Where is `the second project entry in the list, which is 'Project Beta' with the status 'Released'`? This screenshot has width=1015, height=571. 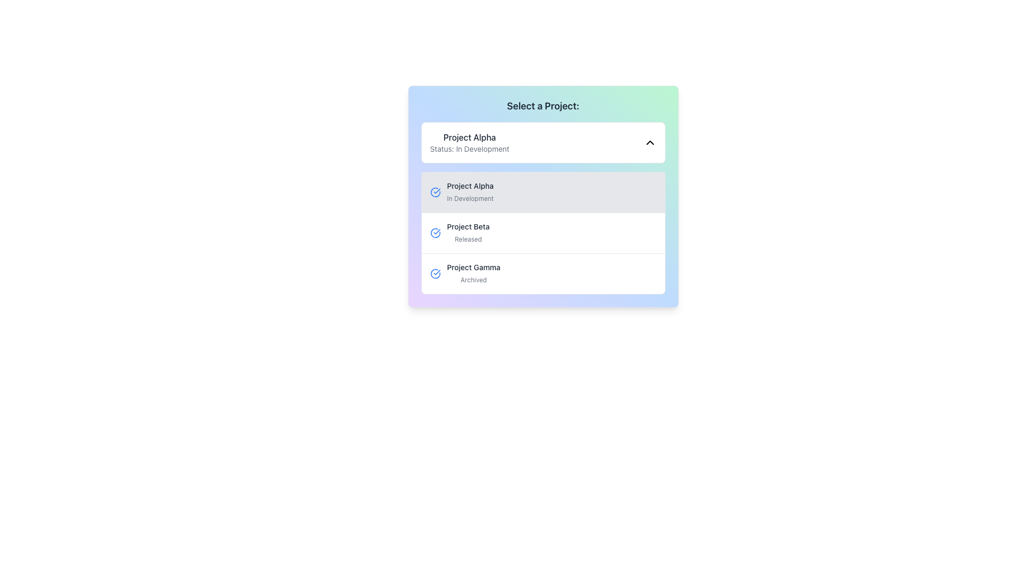
the second project entry in the list, which is 'Project Beta' with the status 'Released' is located at coordinates (543, 232).